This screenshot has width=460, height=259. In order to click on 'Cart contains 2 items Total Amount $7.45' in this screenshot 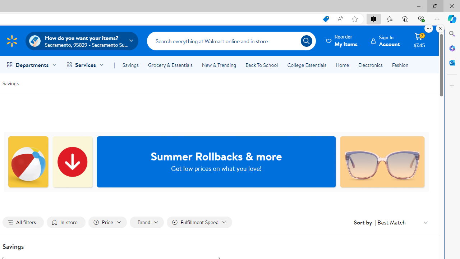, I will do `click(419, 41)`.